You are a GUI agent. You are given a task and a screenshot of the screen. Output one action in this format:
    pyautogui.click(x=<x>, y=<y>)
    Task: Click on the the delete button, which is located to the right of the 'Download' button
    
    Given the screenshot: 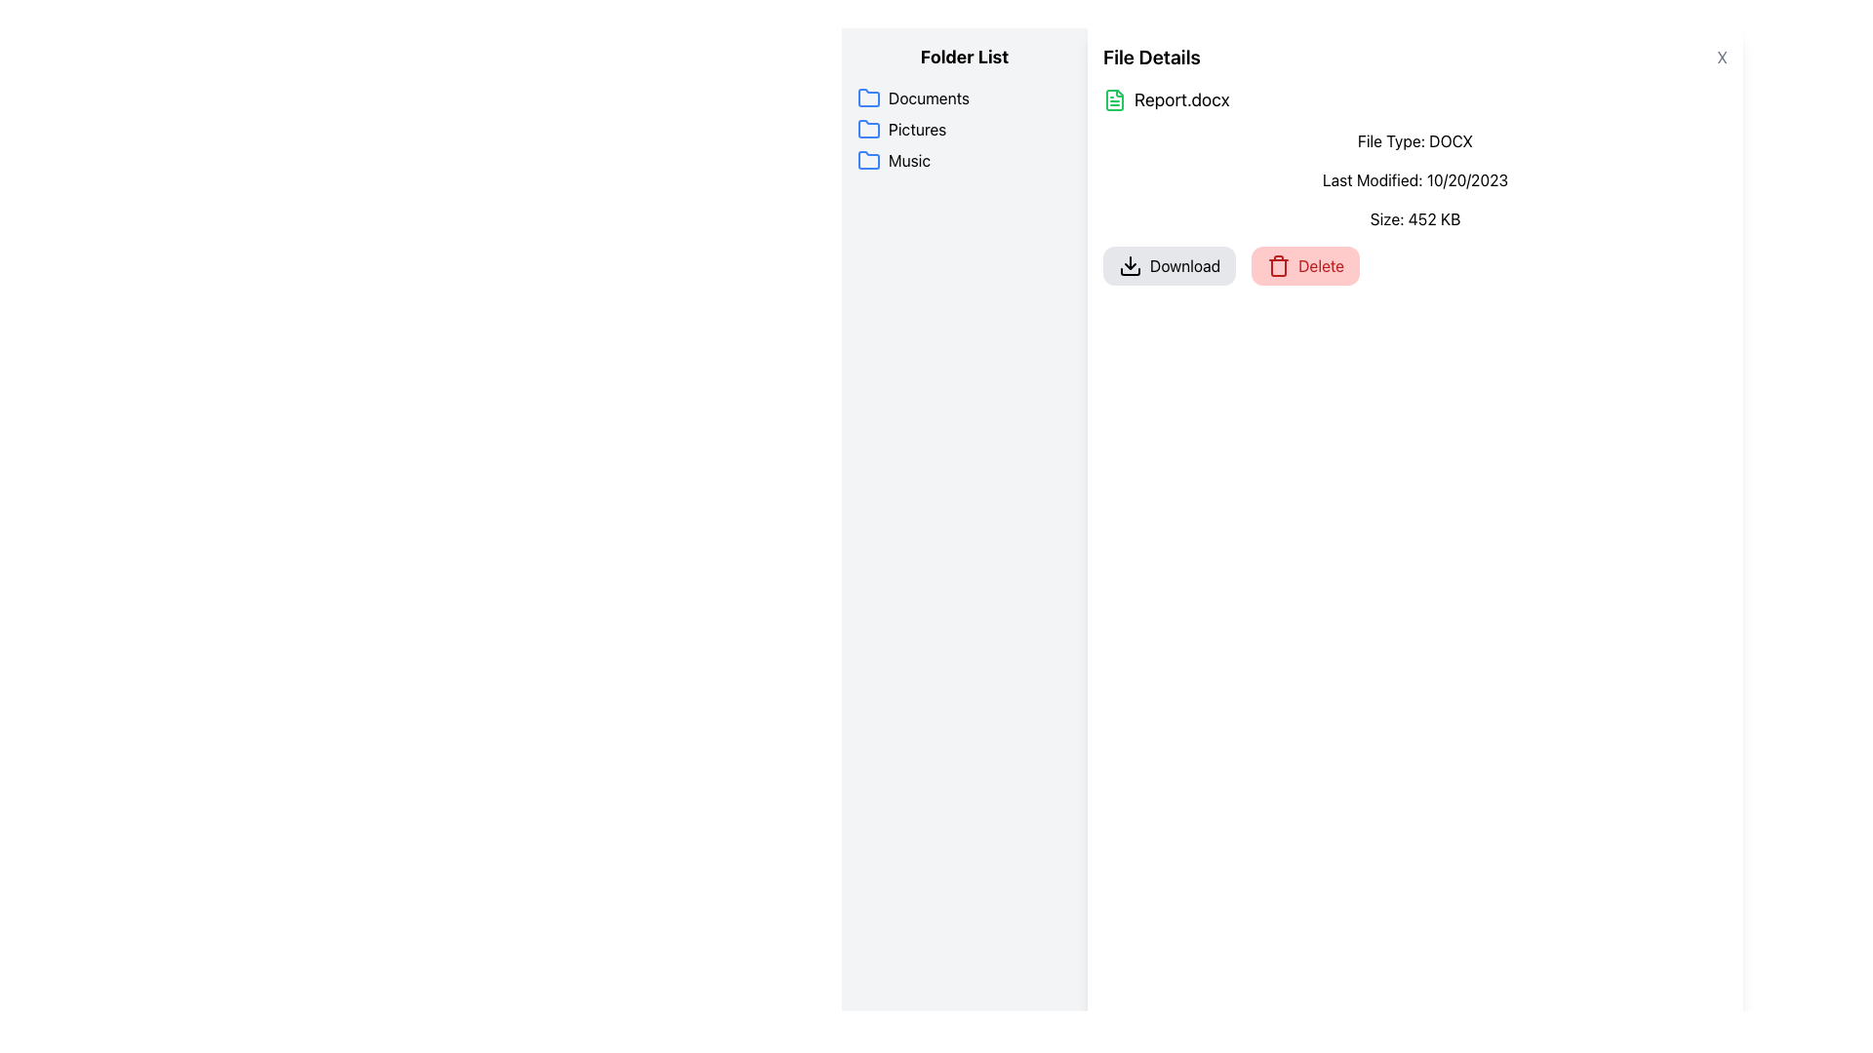 What is the action you would take?
    pyautogui.click(x=1305, y=266)
    